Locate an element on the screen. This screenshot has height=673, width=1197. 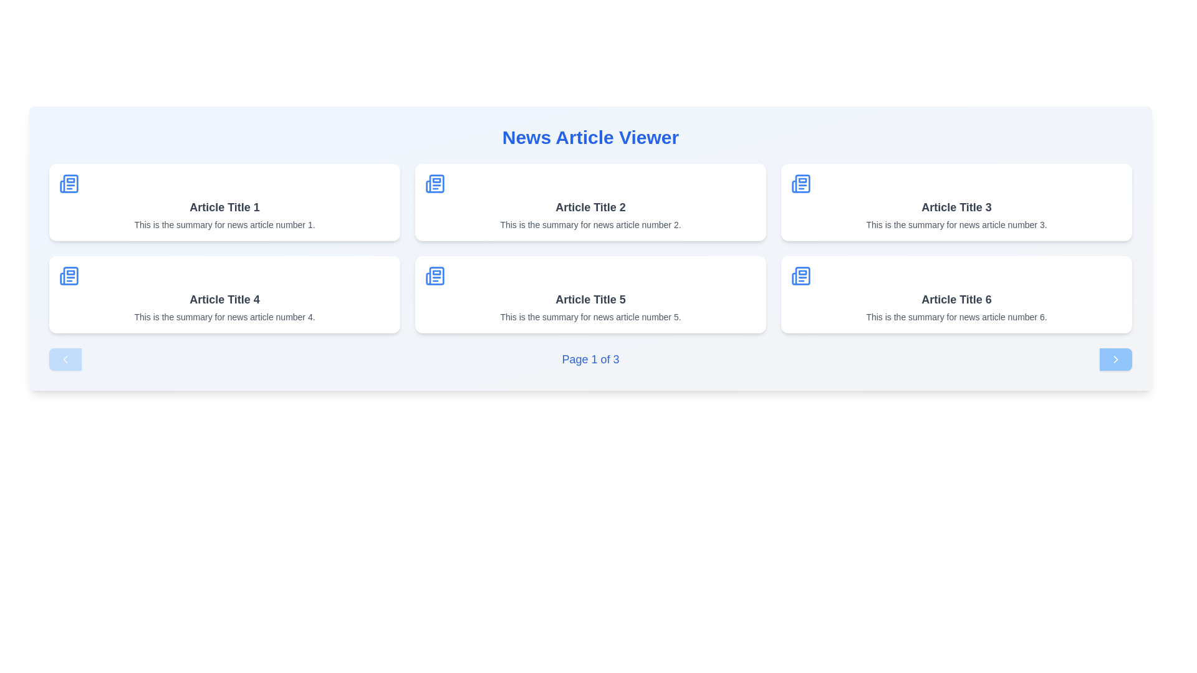
bold text label displaying 'Article Title 3', which is located in the top-right card of a grid layout is located at coordinates (956, 206).